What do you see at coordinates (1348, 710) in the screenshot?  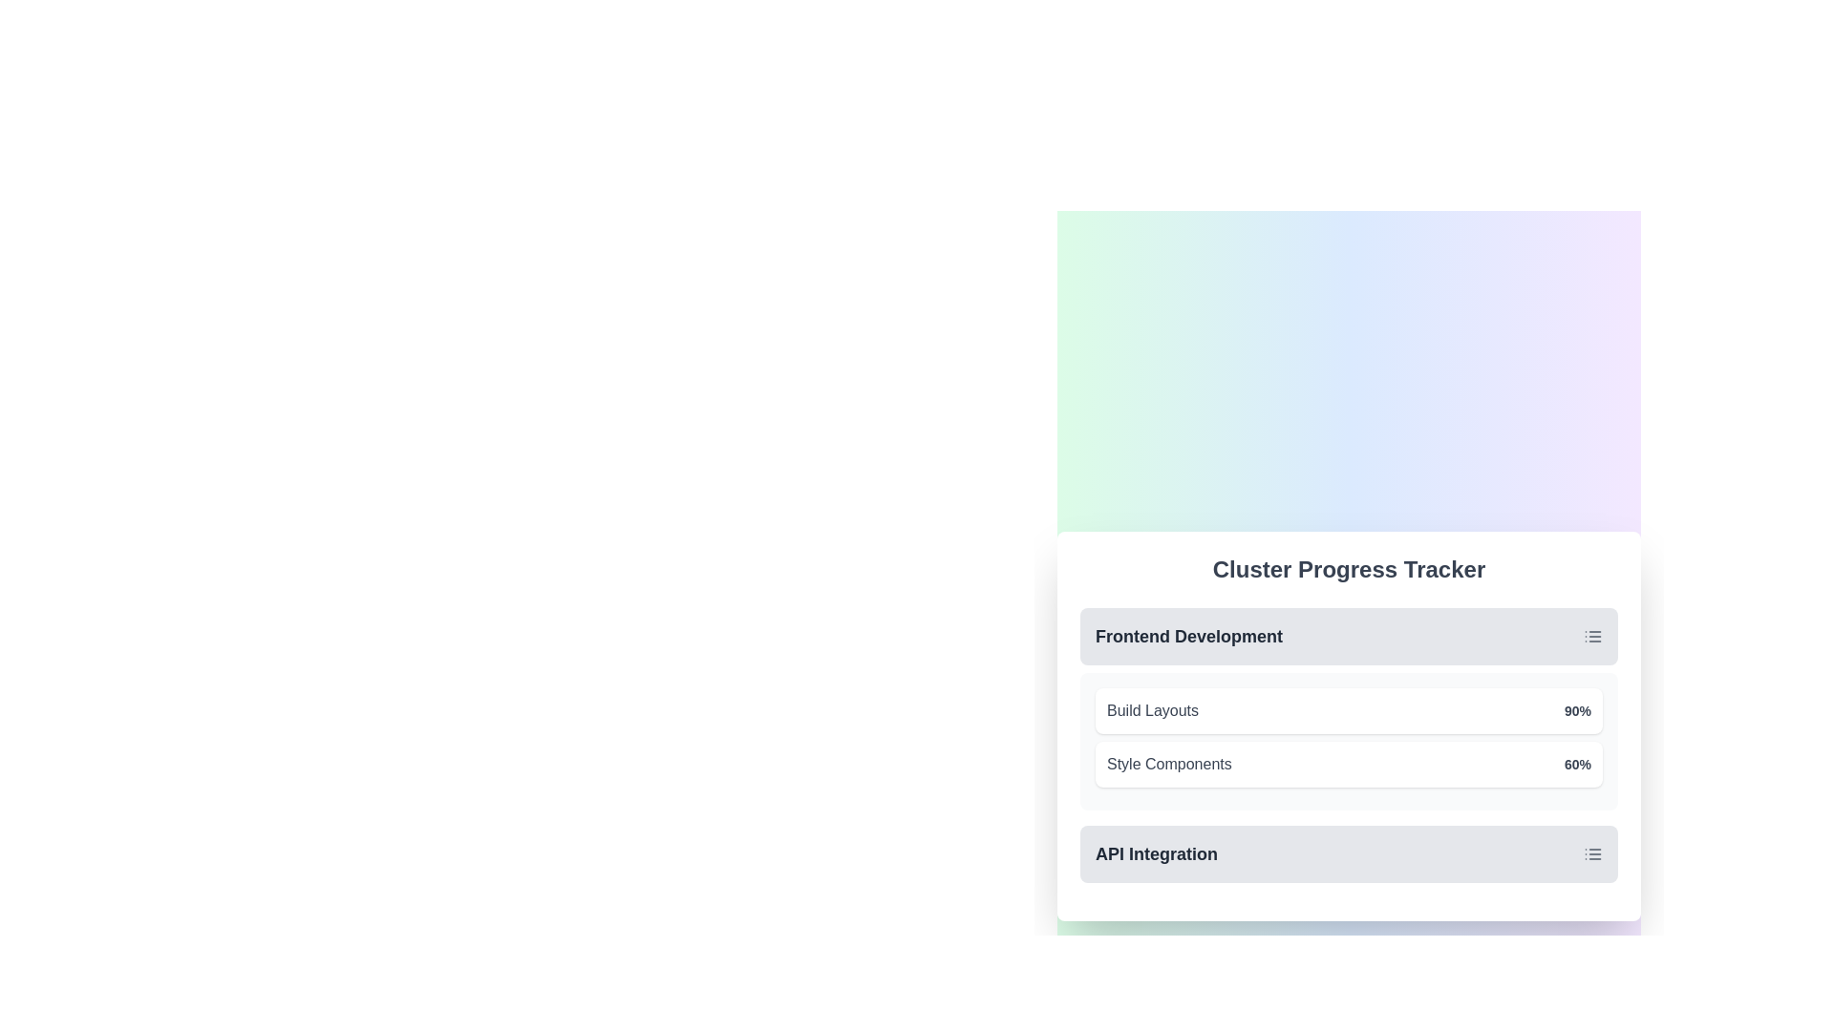 I see `the Progress card displaying 'Build Layouts' with a progress of '90%', which is the first card in the list under the 'Frontend Development' category` at bounding box center [1348, 710].